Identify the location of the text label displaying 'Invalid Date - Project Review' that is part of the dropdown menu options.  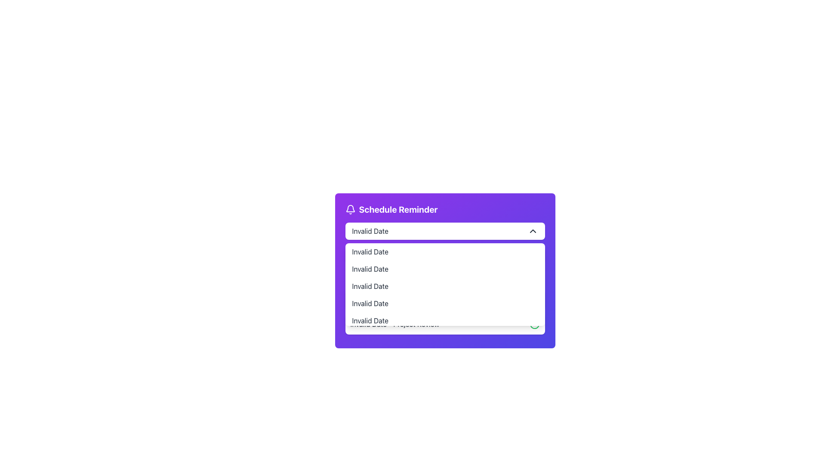
(394, 324).